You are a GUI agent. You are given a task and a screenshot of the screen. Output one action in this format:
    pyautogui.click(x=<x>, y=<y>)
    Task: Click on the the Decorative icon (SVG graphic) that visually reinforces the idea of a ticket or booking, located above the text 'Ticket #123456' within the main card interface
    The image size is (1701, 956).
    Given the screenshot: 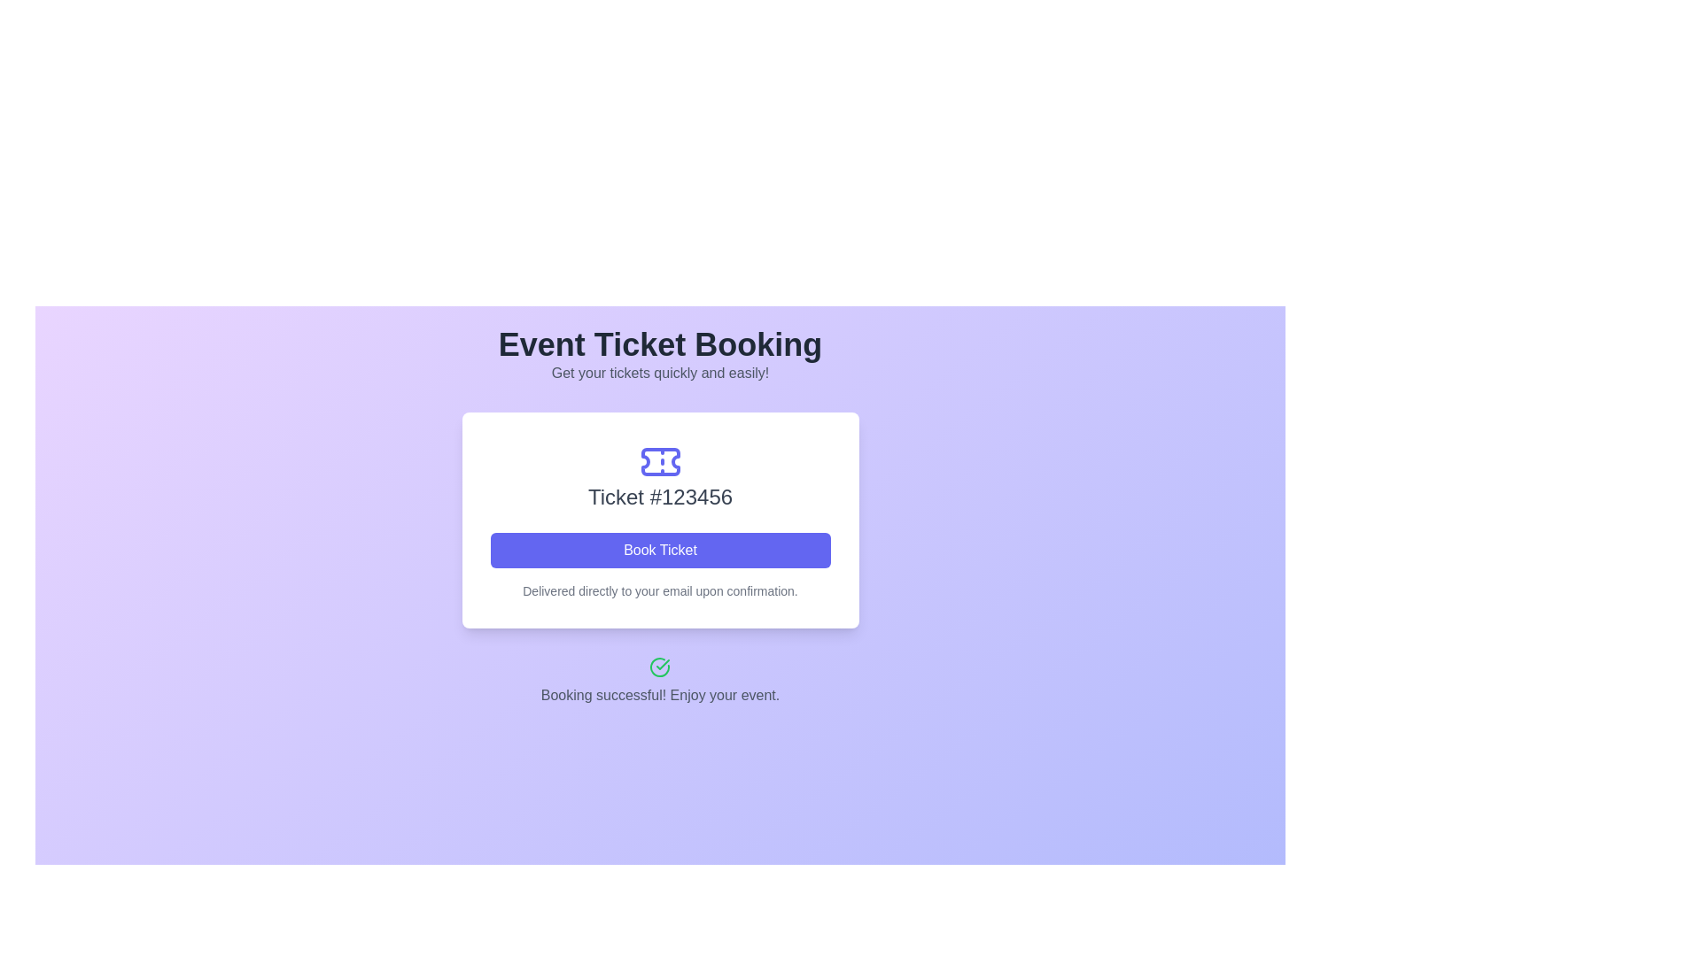 What is the action you would take?
    pyautogui.click(x=659, y=460)
    